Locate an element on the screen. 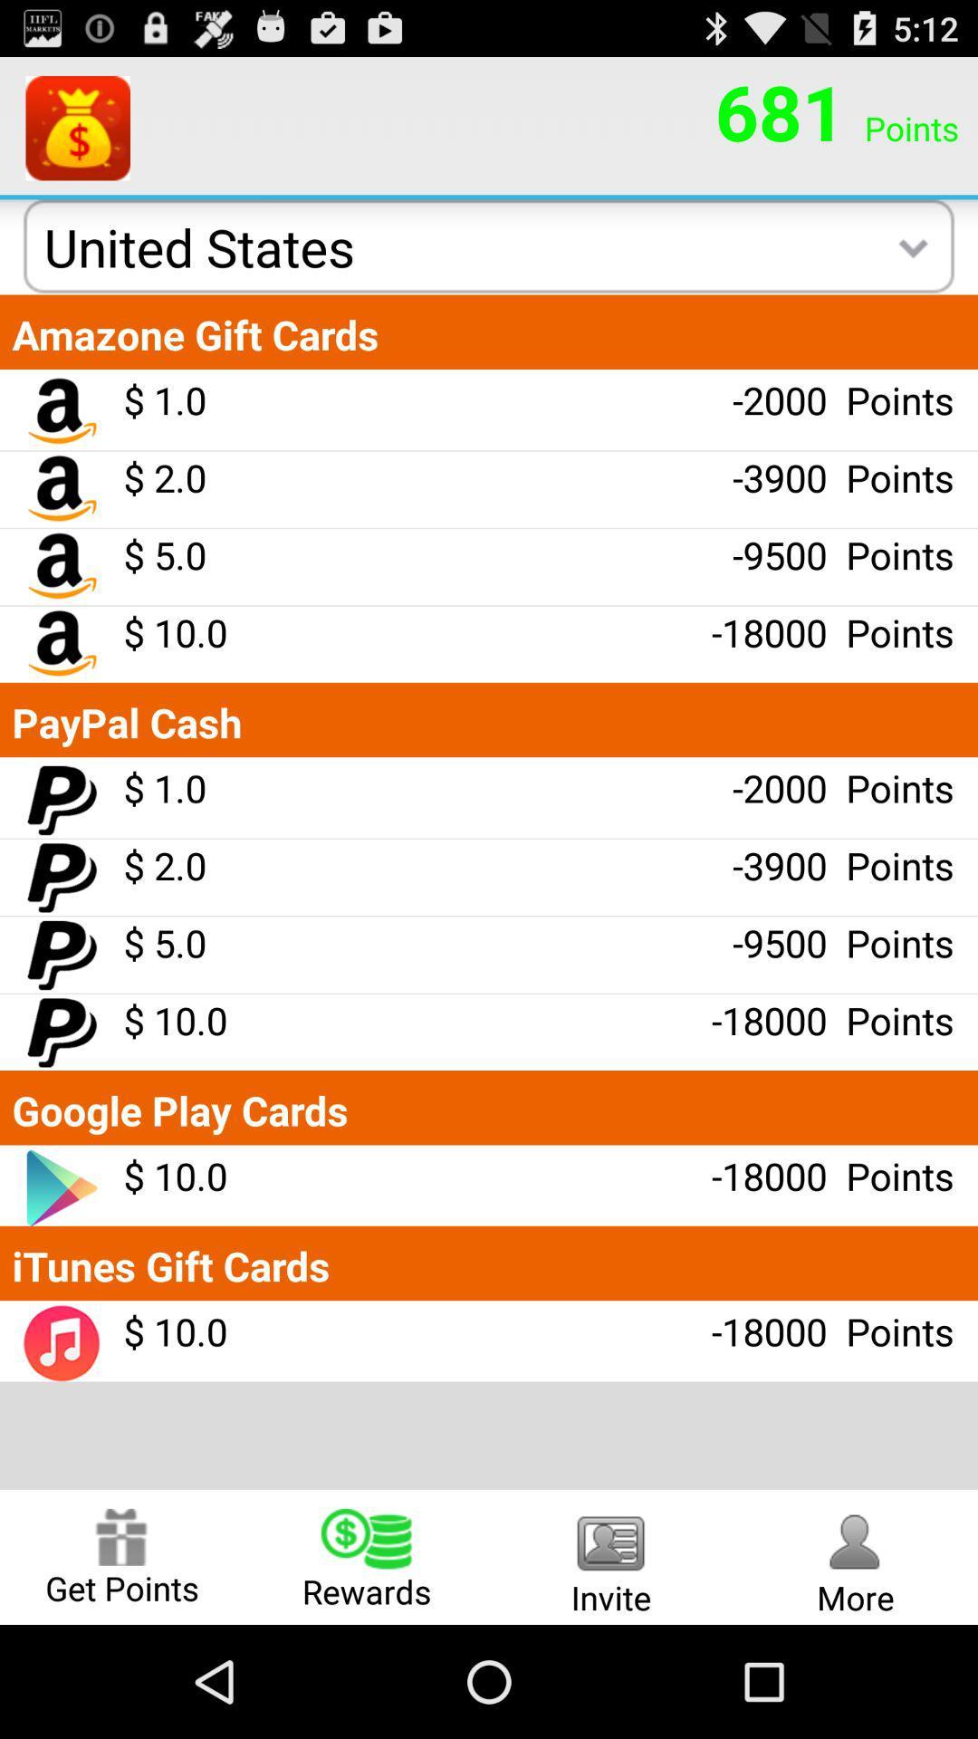 This screenshot has width=978, height=1739. the more is located at coordinates (856, 1556).